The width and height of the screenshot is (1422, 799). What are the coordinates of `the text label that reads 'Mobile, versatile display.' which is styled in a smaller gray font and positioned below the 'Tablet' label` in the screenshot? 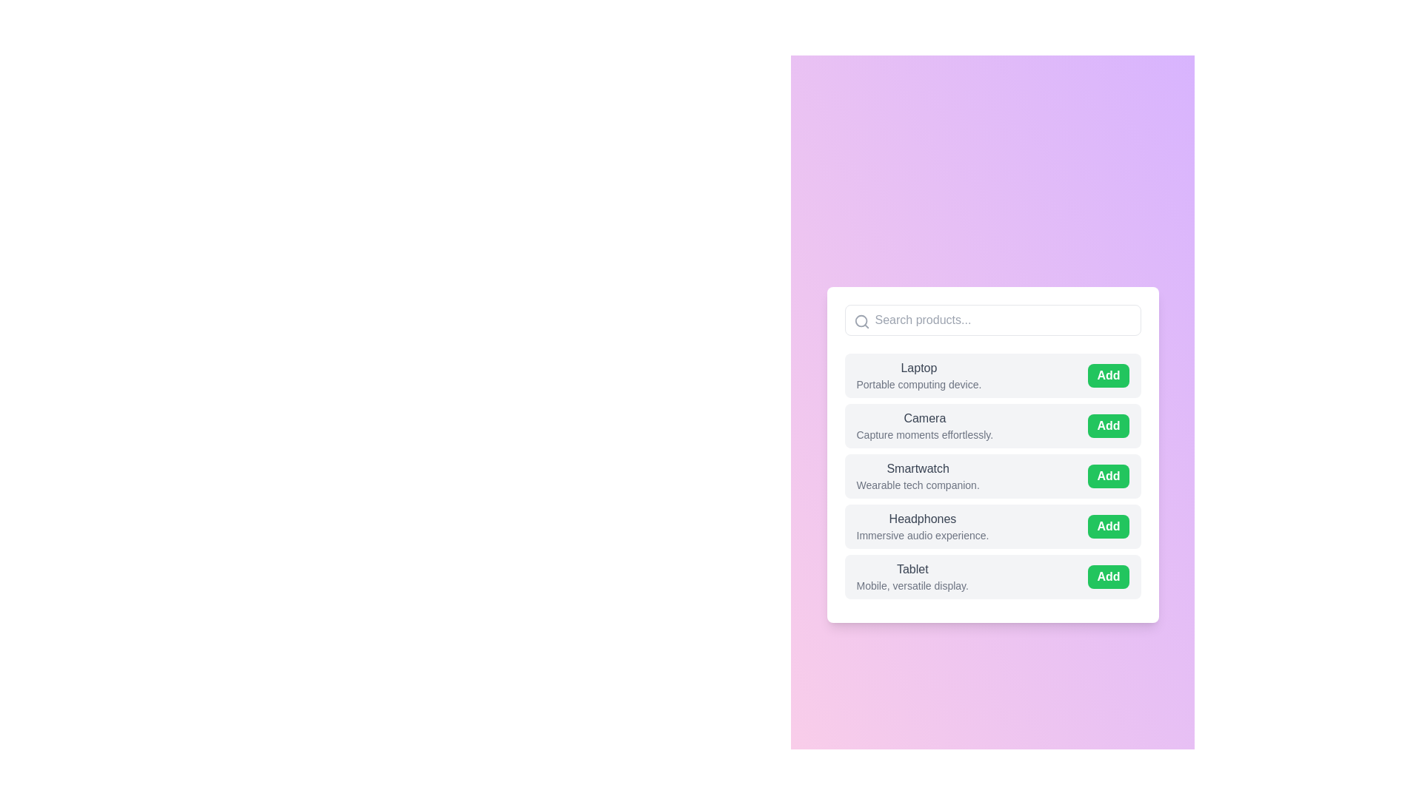 It's located at (912, 584).